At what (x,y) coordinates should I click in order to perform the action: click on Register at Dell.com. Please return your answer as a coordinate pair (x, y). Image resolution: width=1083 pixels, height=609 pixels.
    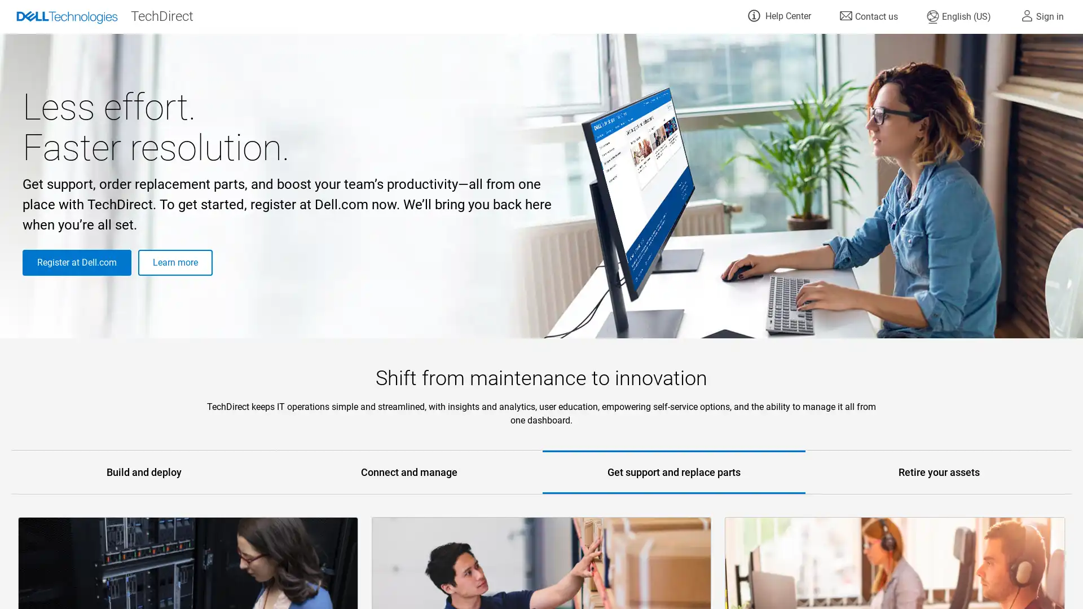
    Looking at the image, I should click on (76, 263).